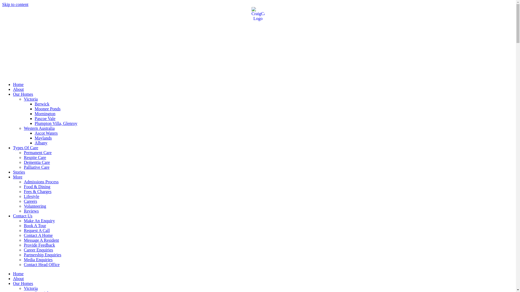  What do you see at coordinates (41, 264) in the screenshot?
I see `'Contact Head Office'` at bounding box center [41, 264].